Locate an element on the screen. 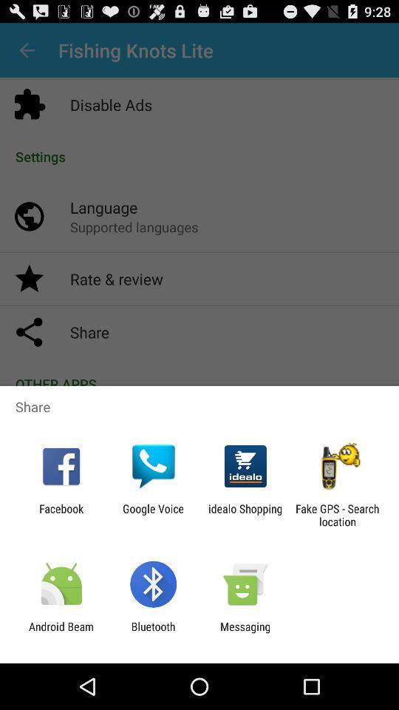  item next to the google voice app is located at coordinates (61, 515).